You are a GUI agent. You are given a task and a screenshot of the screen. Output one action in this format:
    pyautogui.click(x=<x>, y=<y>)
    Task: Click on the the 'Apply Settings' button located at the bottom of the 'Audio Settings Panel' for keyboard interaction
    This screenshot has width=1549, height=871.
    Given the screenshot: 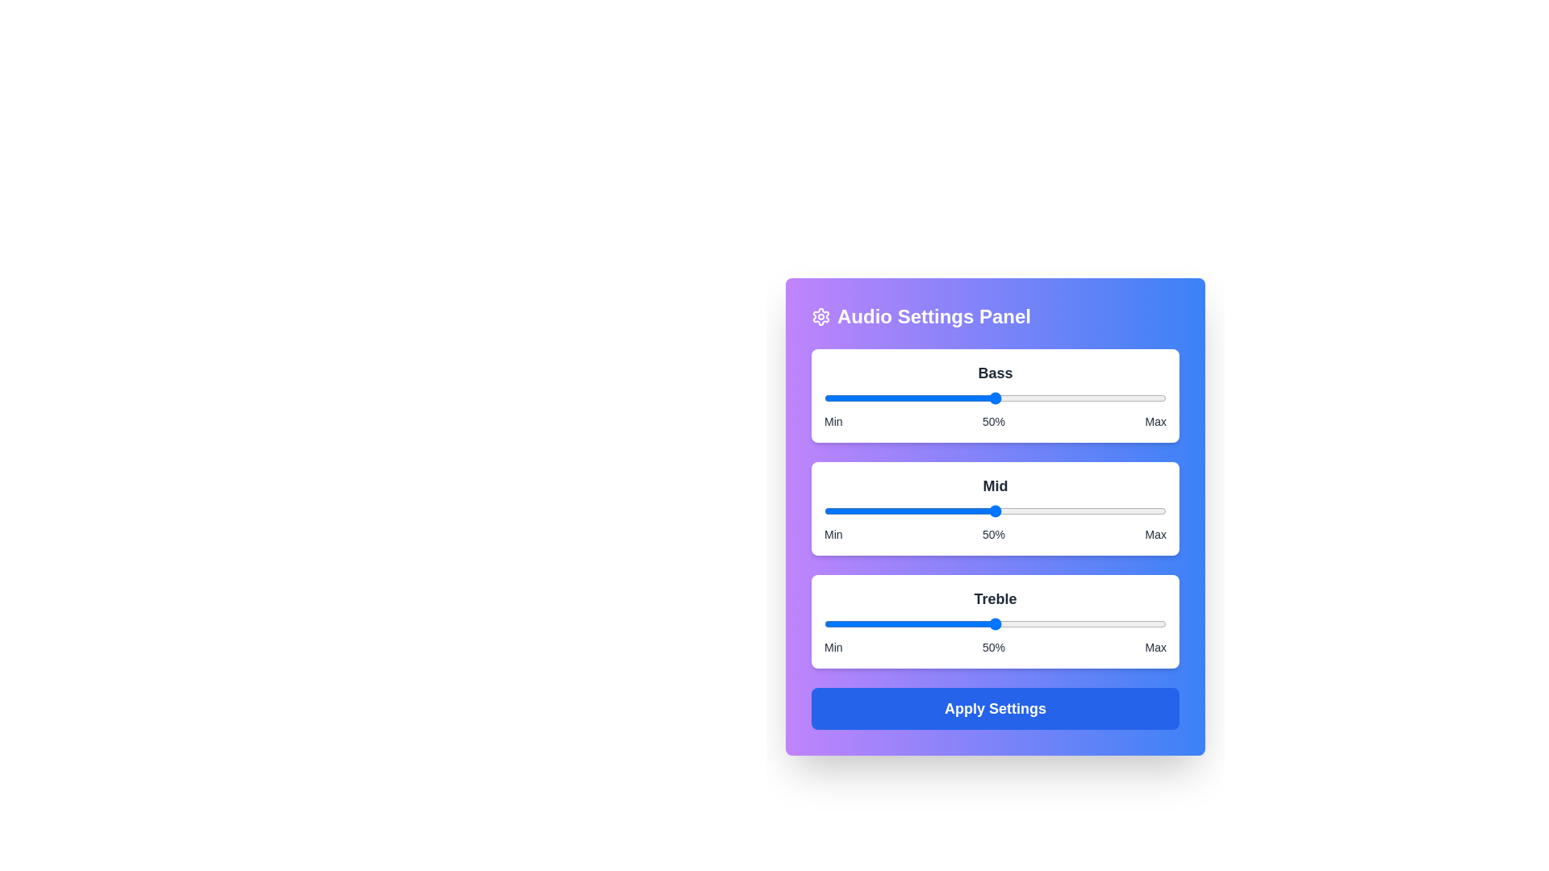 What is the action you would take?
    pyautogui.click(x=994, y=708)
    